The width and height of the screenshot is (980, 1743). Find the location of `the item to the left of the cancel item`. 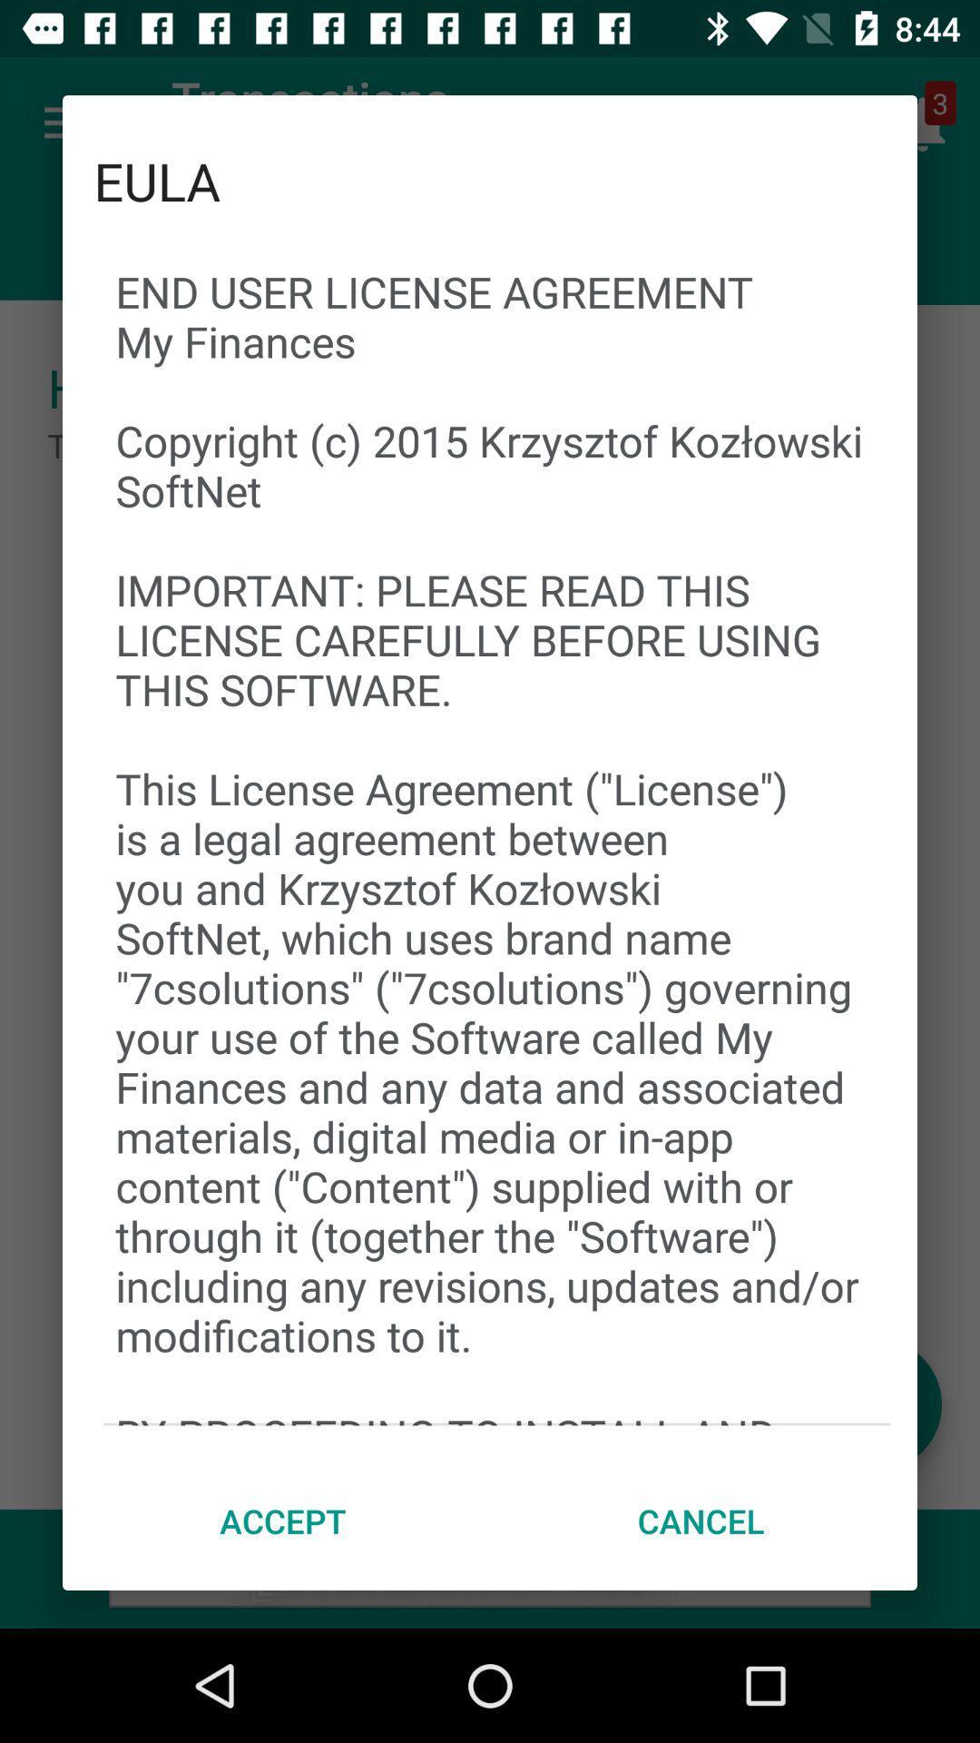

the item to the left of the cancel item is located at coordinates (283, 1521).